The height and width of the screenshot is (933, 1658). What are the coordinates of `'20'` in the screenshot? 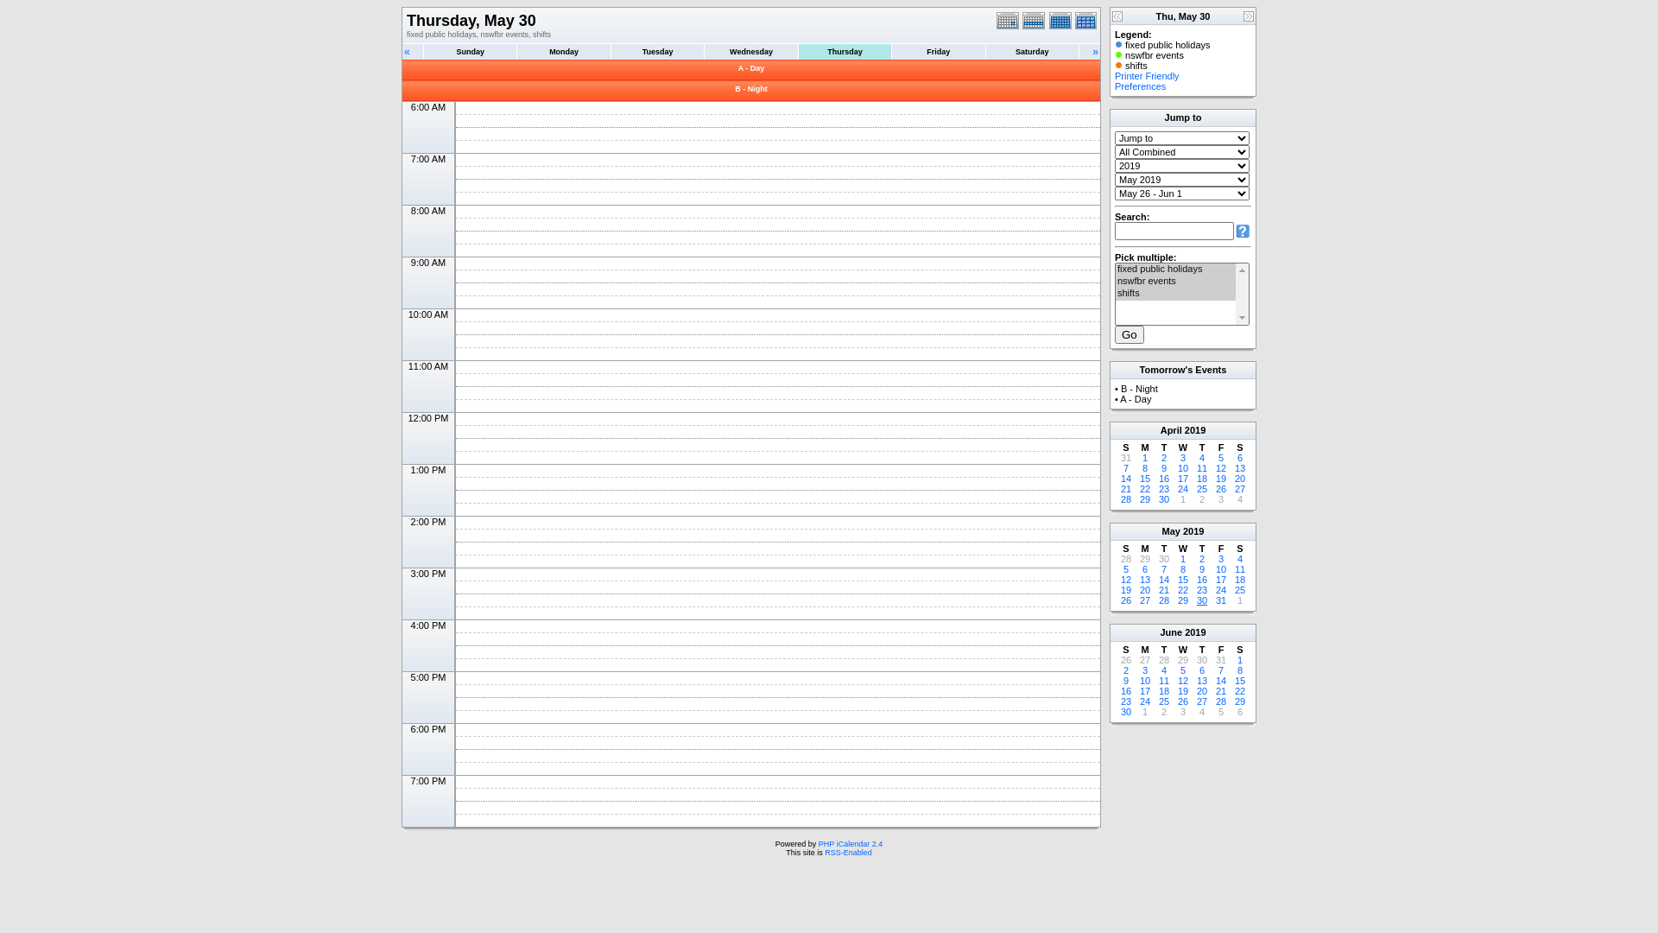 It's located at (1144, 588).